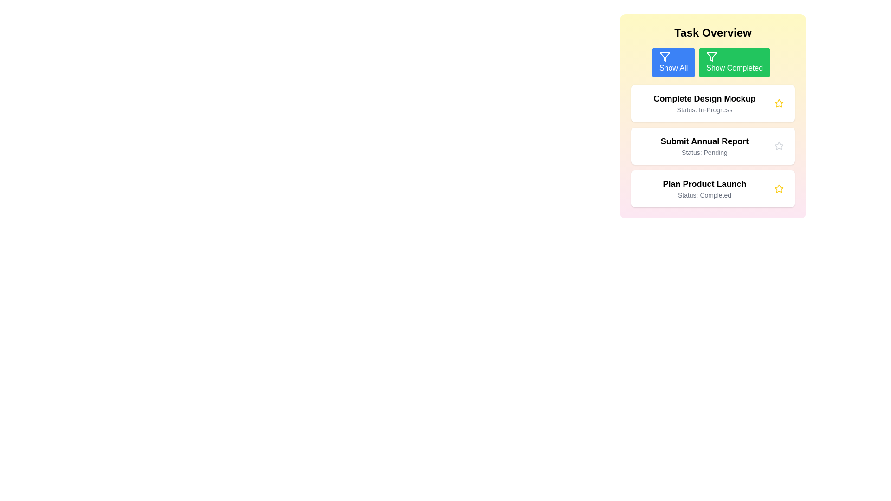 The width and height of the screenshot is (891, 501). What do you see at coordinates (734, 63) in the screenshot?
I see `the 'Show Completed' button to filter tasks` at bounding box center [734, 63].